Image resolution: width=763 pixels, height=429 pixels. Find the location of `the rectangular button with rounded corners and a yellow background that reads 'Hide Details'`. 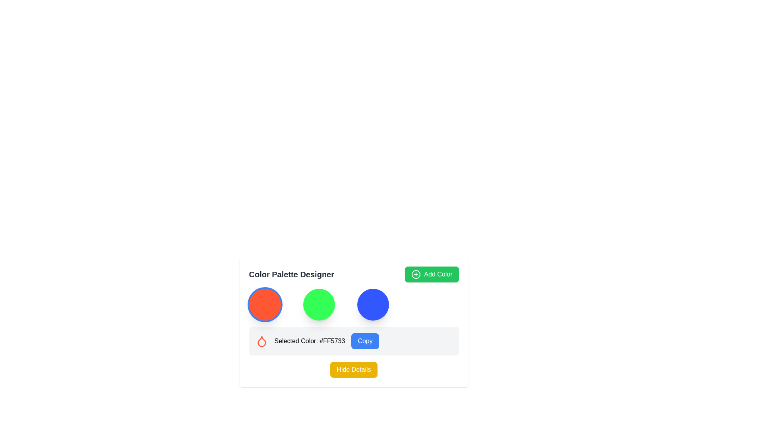

the rectangular button with rounded corners and a yellow background that reads 'Hide Details' is located at coordinates (353, 369).